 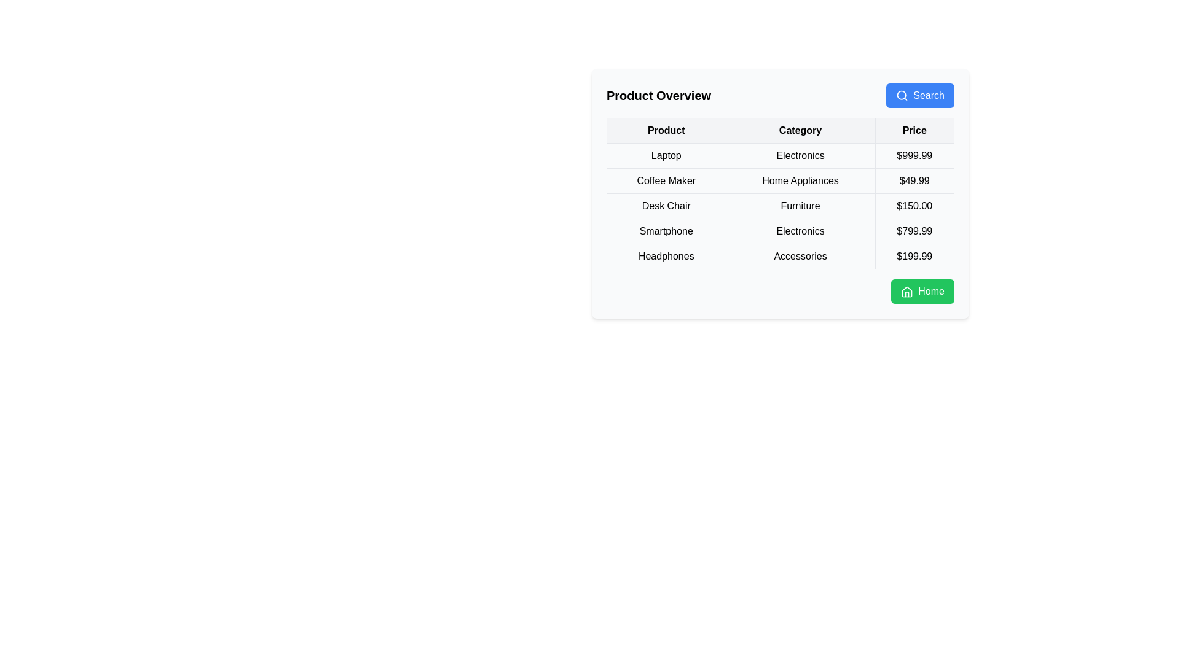 I want to click on the header row of the table under 'Product Overview' to sort the columns by 'Product', 'Category', or 'Price', so click(x=780, y=130).